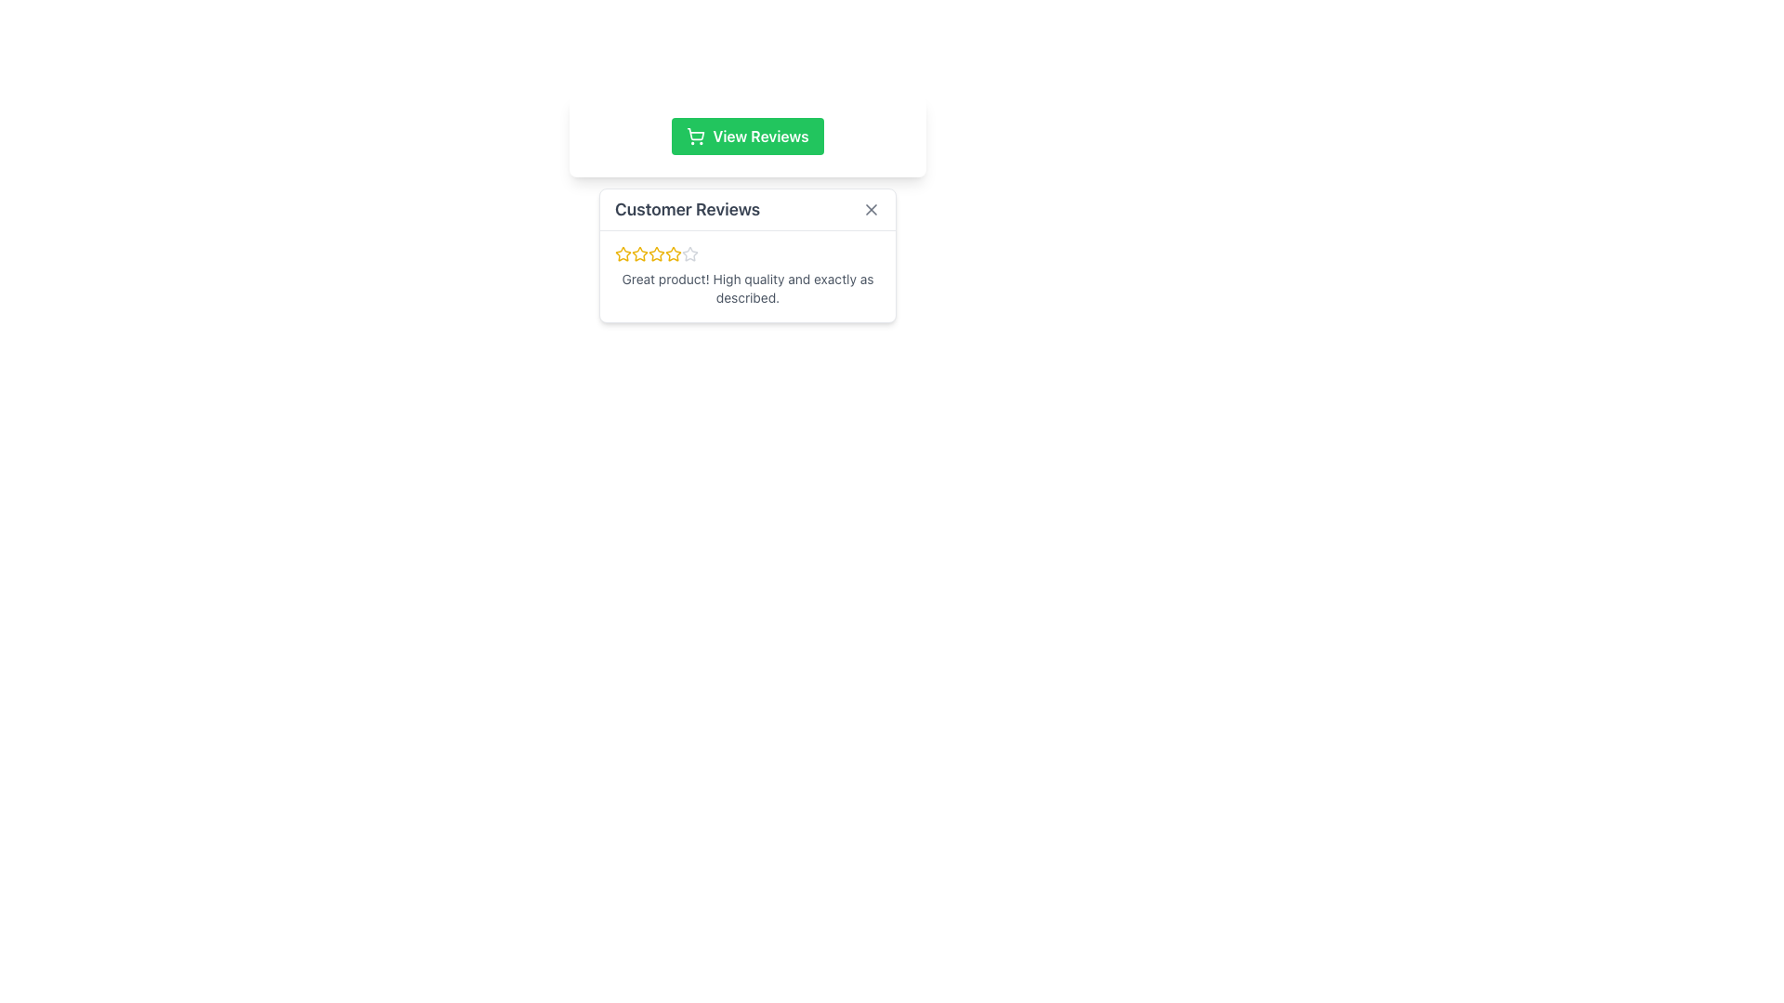 The height and width of the screenshot is (1003, 1784). Describe the element at coordinates (687, 209) in the screenshot. I see `the 'Customer Reviews' text label, which is styled in bold and medium-large font, located in the header block of the review section` at that location.